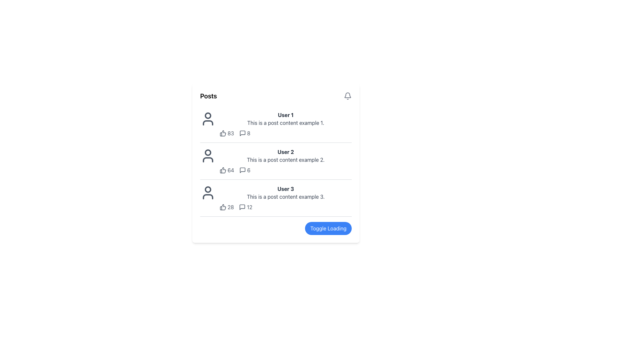 The width and height of the screenshot is (627, 353). Describe the element at coordinates (276, 124) in the screenshot. I see `the Post Display Block featuring the title 'User 1' and subtitle 'This is a post content example 1.', located below the 'Posts' header` at that location.